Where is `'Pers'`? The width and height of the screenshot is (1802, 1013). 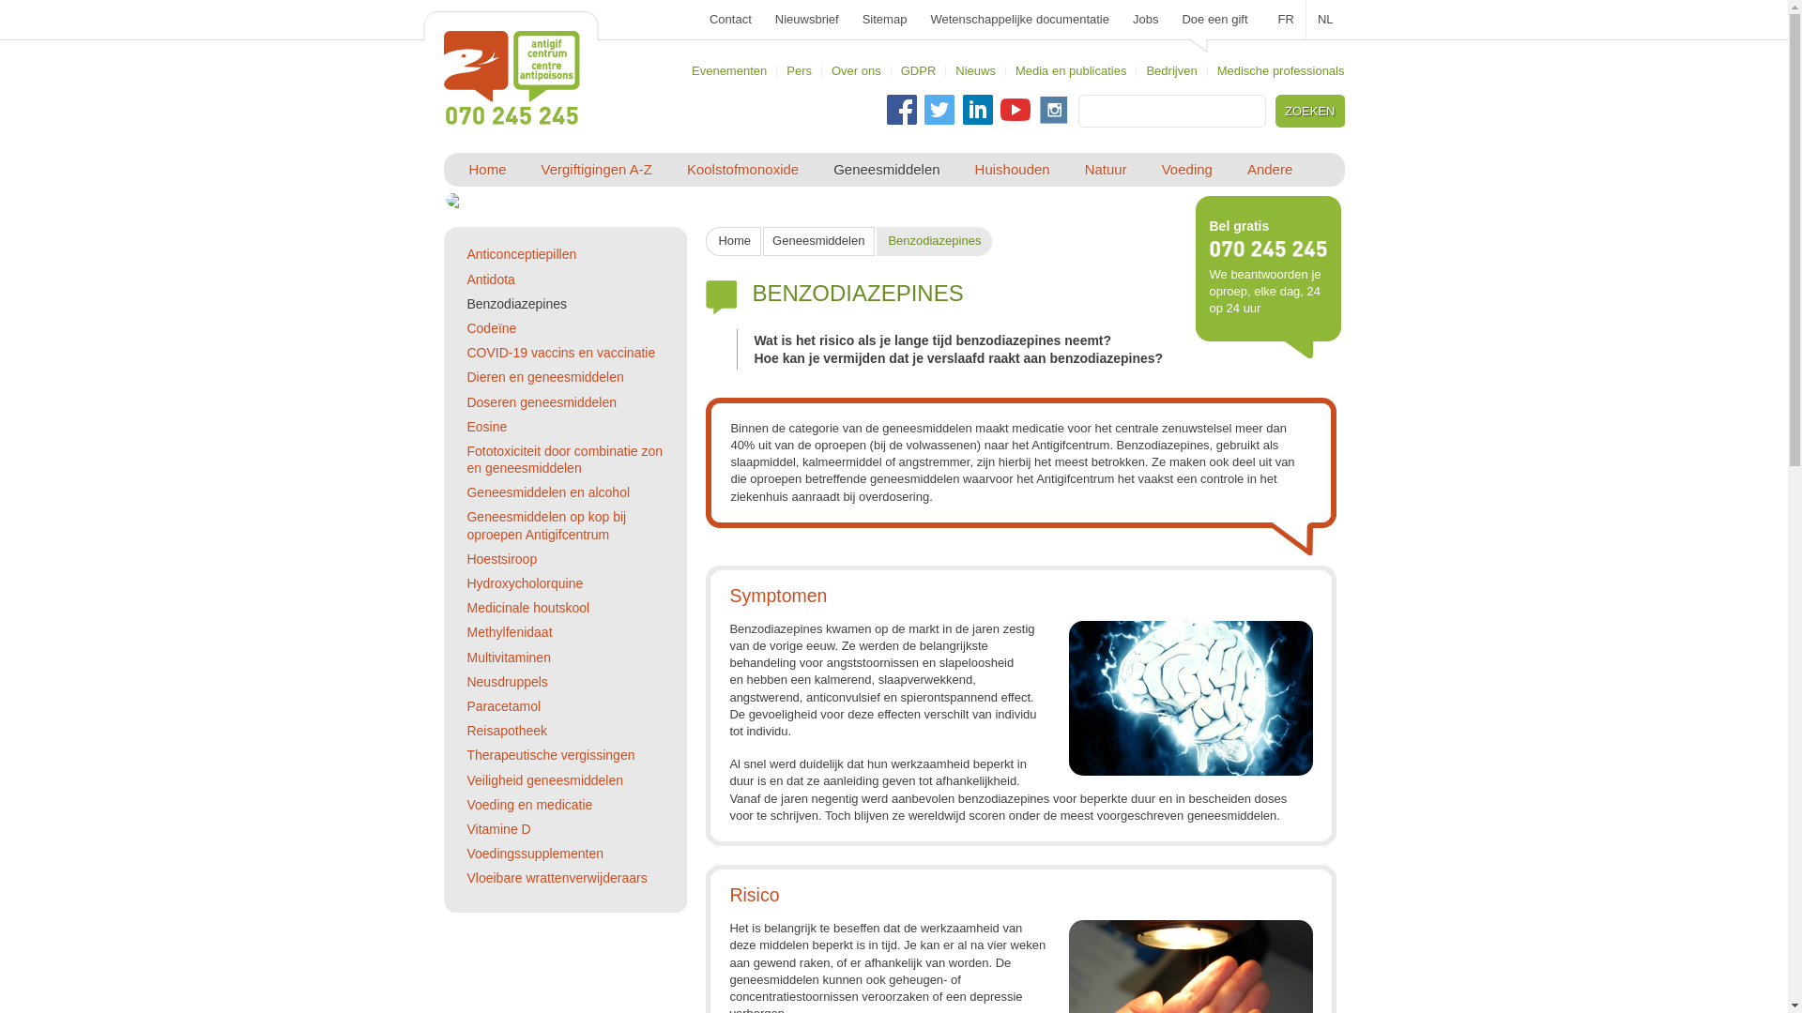 'Pers' is located at coordinates (799, 69).